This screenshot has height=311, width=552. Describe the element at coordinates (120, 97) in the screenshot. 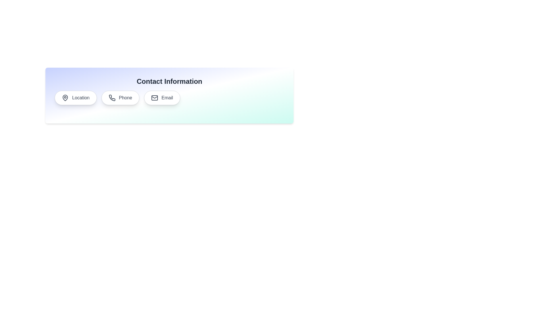

I see `the chip labeled Phone to observe its hover effect` at that location.